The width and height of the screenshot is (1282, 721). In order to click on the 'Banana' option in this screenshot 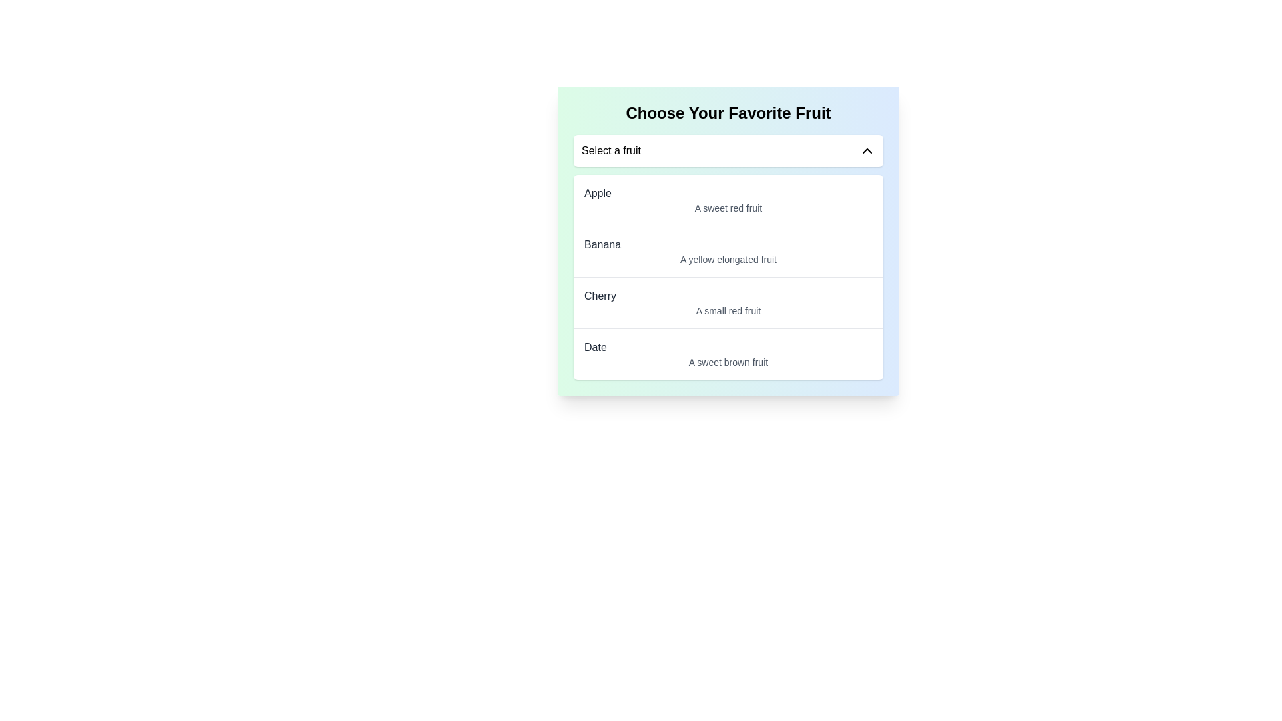, I will do `click(727, 250)`.